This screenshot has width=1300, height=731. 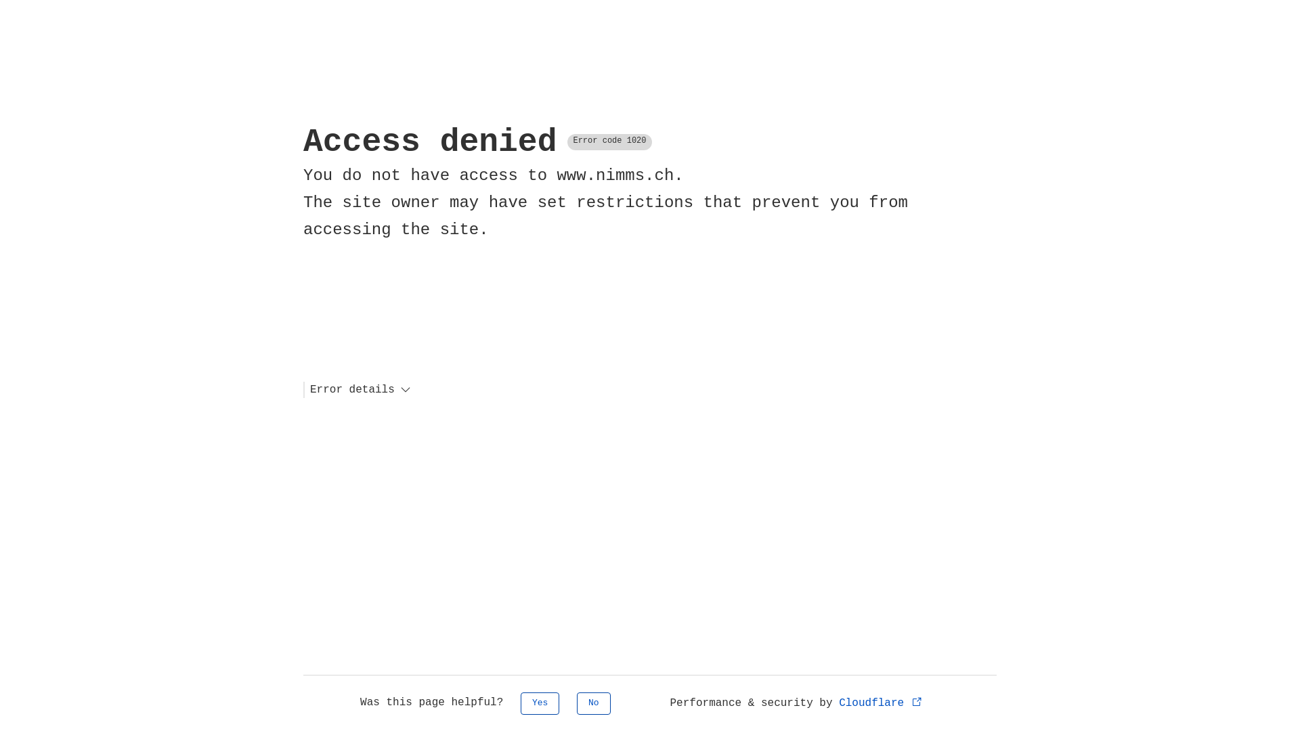 I want to click on 'Opens in new tab', so click(x=917, y=701).